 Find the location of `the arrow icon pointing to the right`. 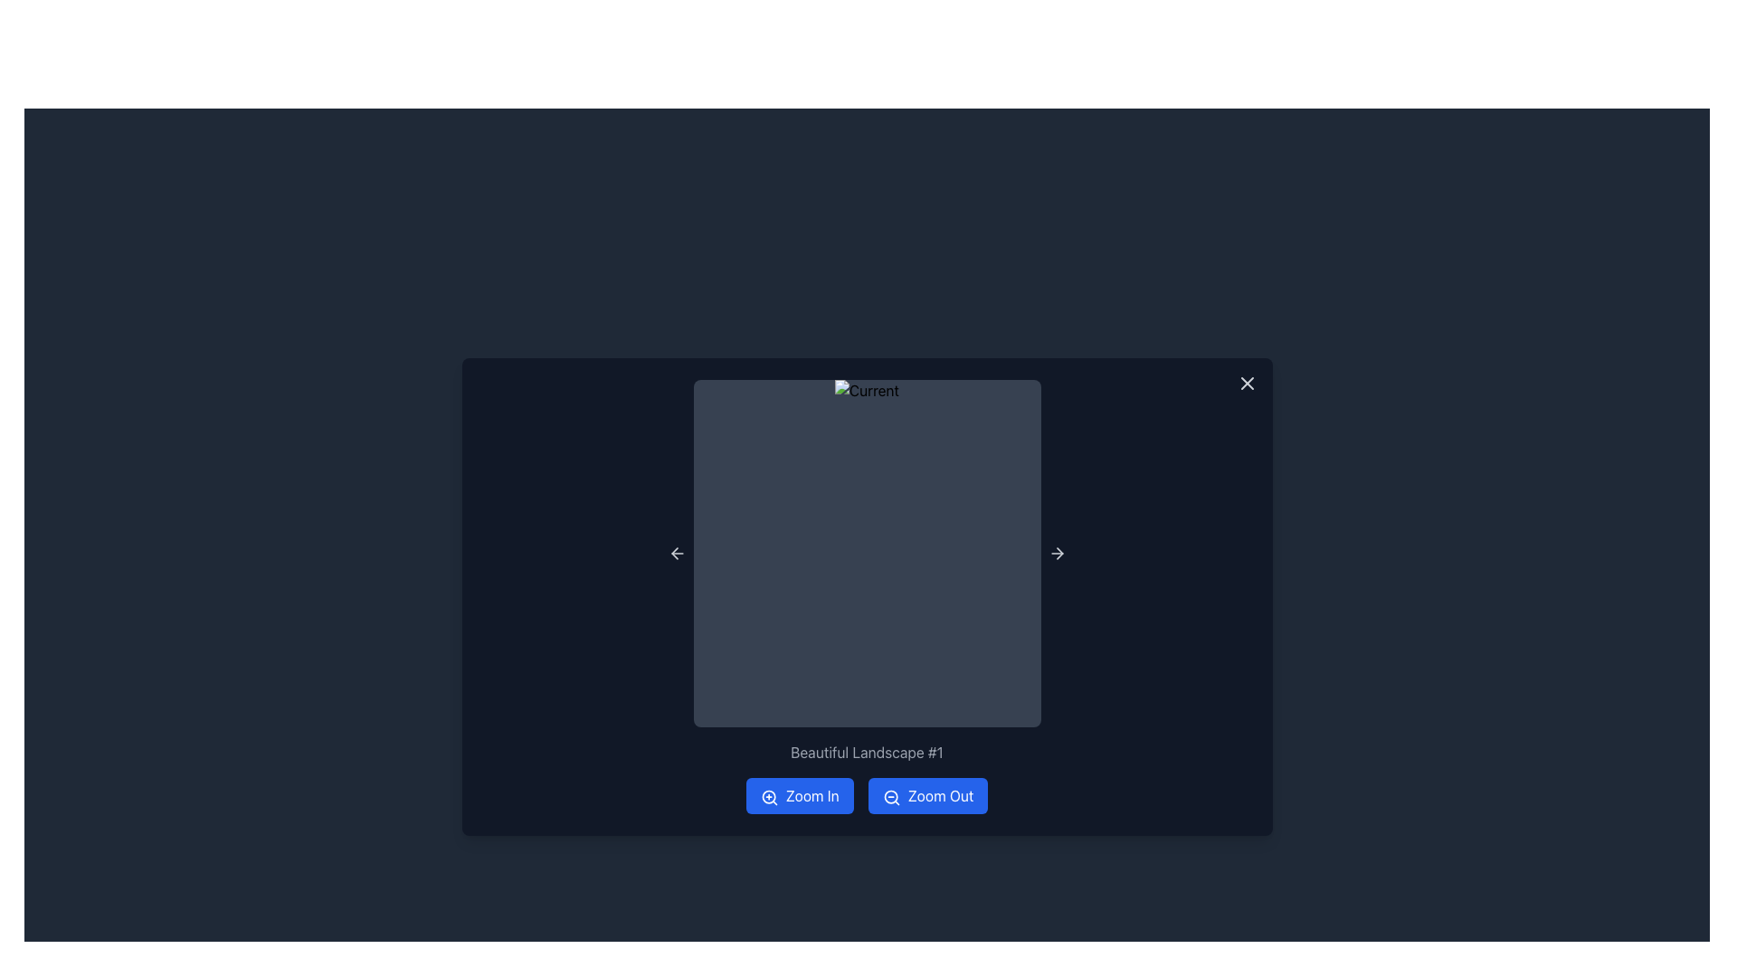

the arrow icon pointing to the right is located at coordinates (1057, 553).